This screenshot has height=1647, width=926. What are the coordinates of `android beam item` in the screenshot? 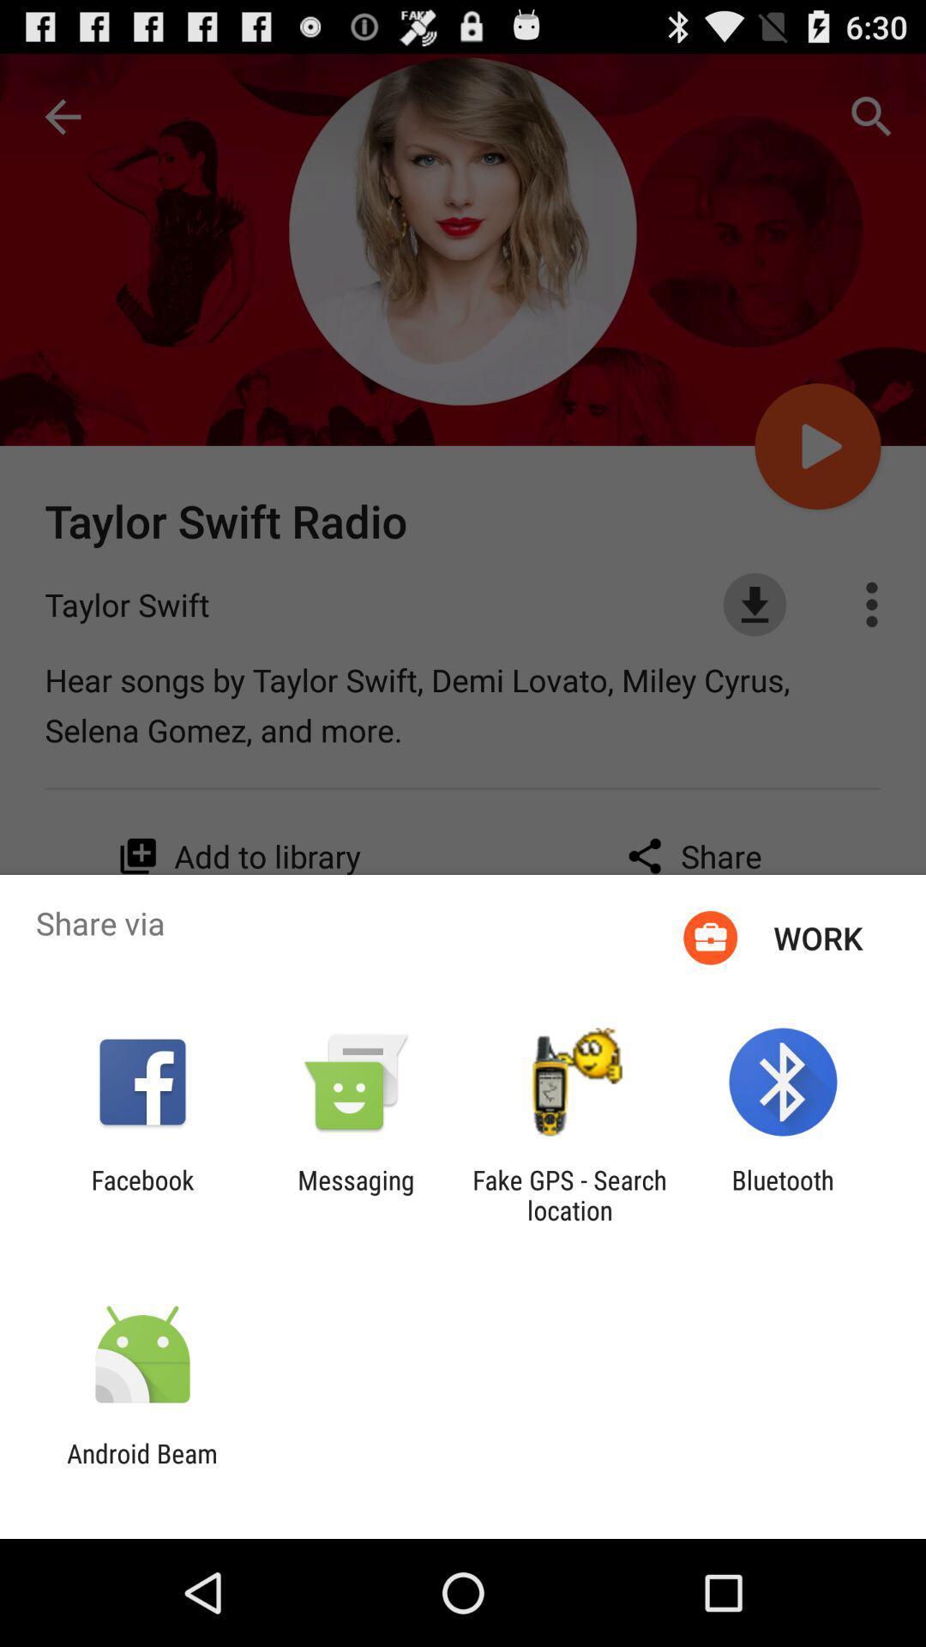 It's located at (141, 1468).